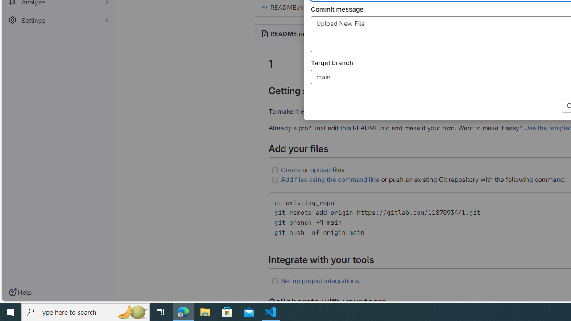 This screenshot has width=571, height=321. Describe the element at coordinates (274, 281) in the screenshot. I see `'Class: task-list-item-checkbox'` at that location.